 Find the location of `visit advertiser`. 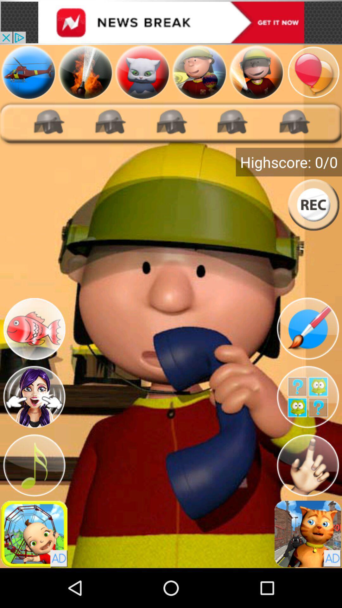

visit advertiser is located at coordinates (171, 22).